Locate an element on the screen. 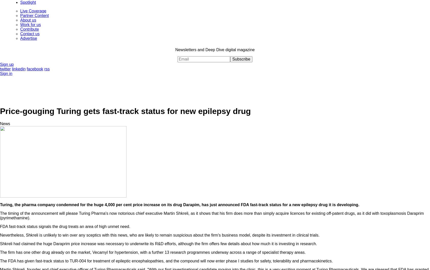 This screenshot has width=430, height=270. 'About us' is located at coordinates (20, 20).